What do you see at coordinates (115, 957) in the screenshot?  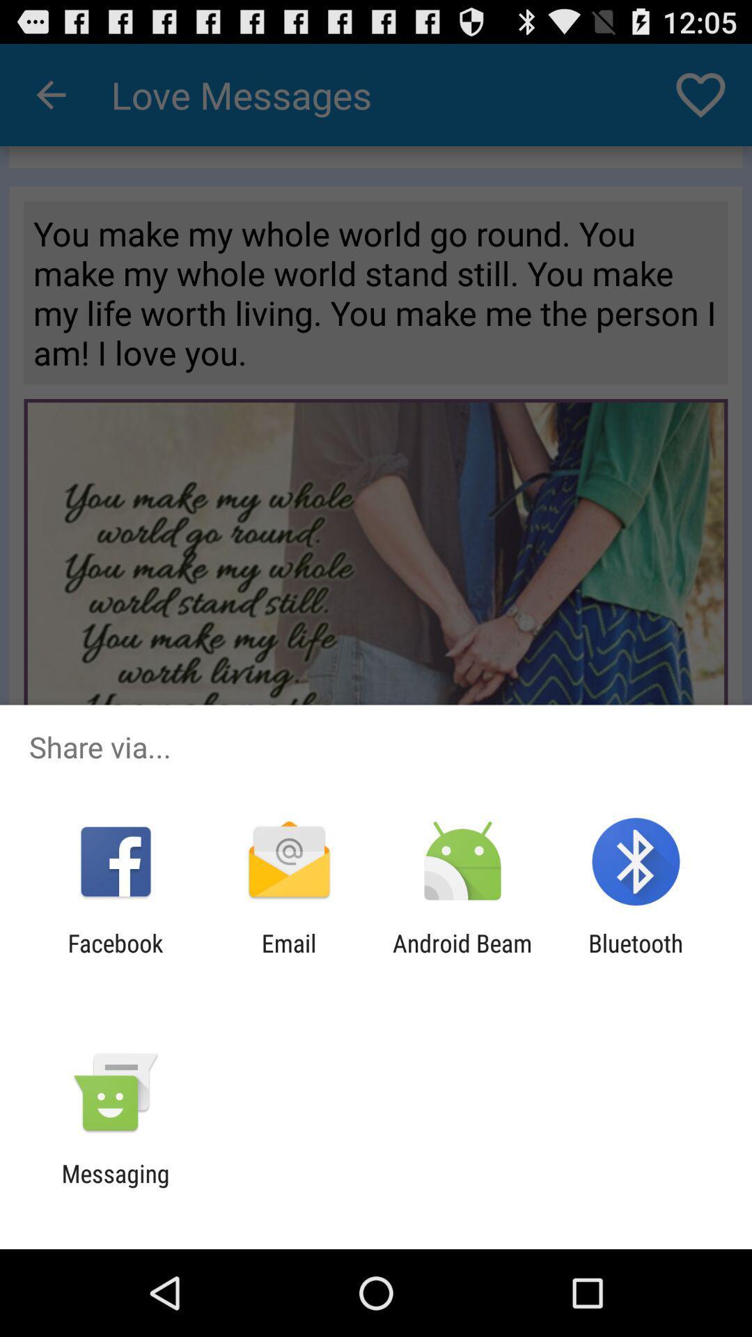 I see `the facebook icon` at bounding box center [115, 957].